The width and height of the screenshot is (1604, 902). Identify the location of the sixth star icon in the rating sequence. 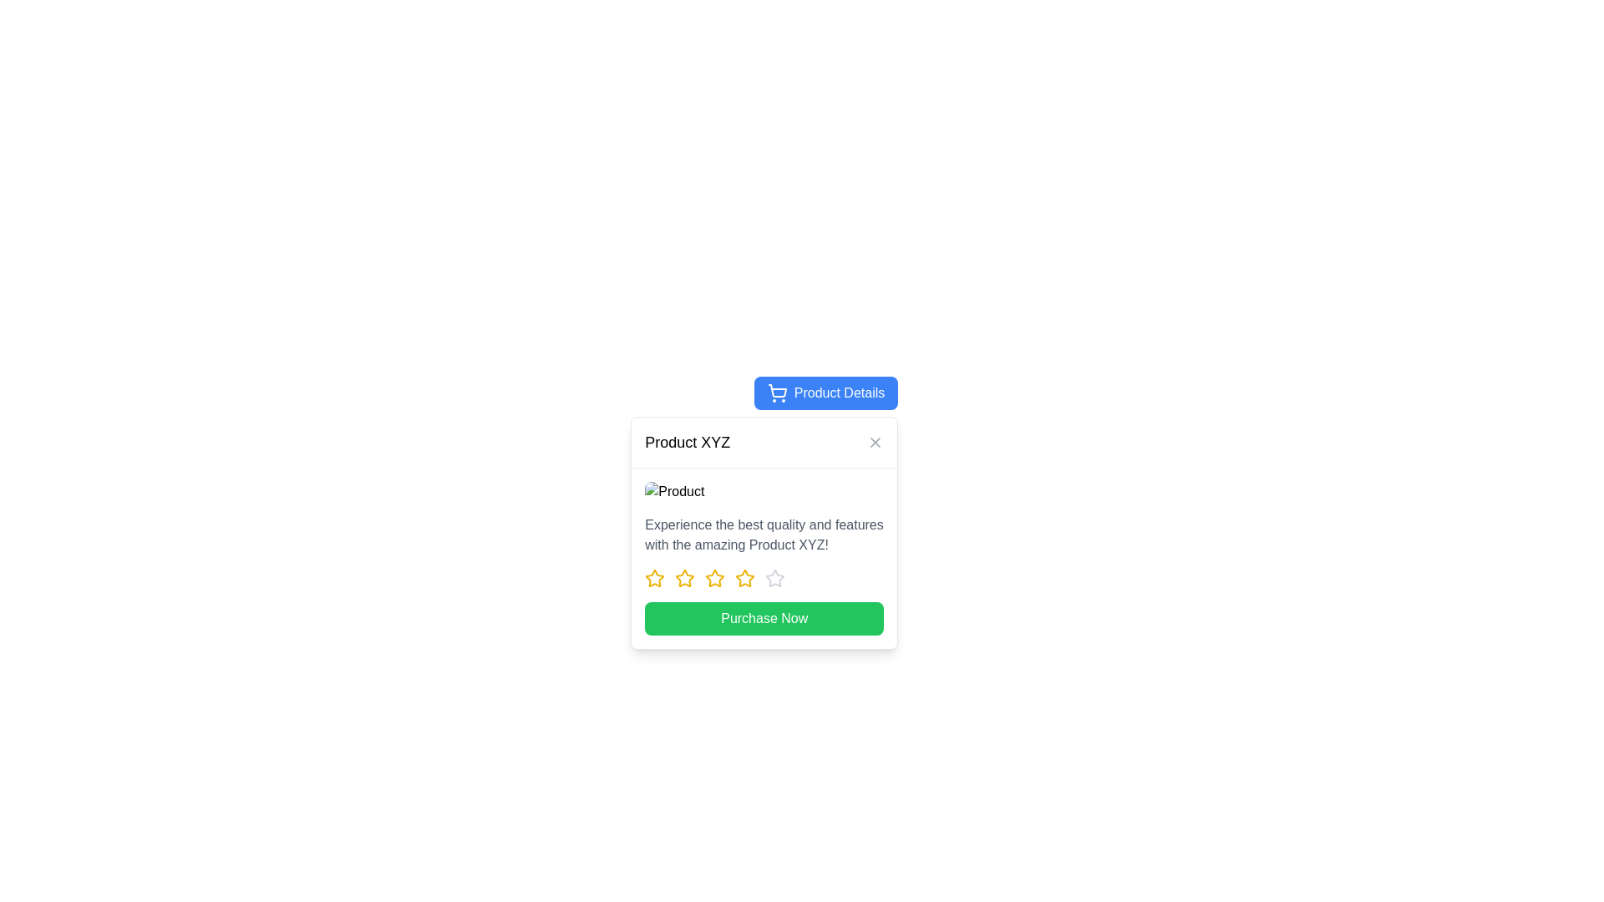
(774, 578).